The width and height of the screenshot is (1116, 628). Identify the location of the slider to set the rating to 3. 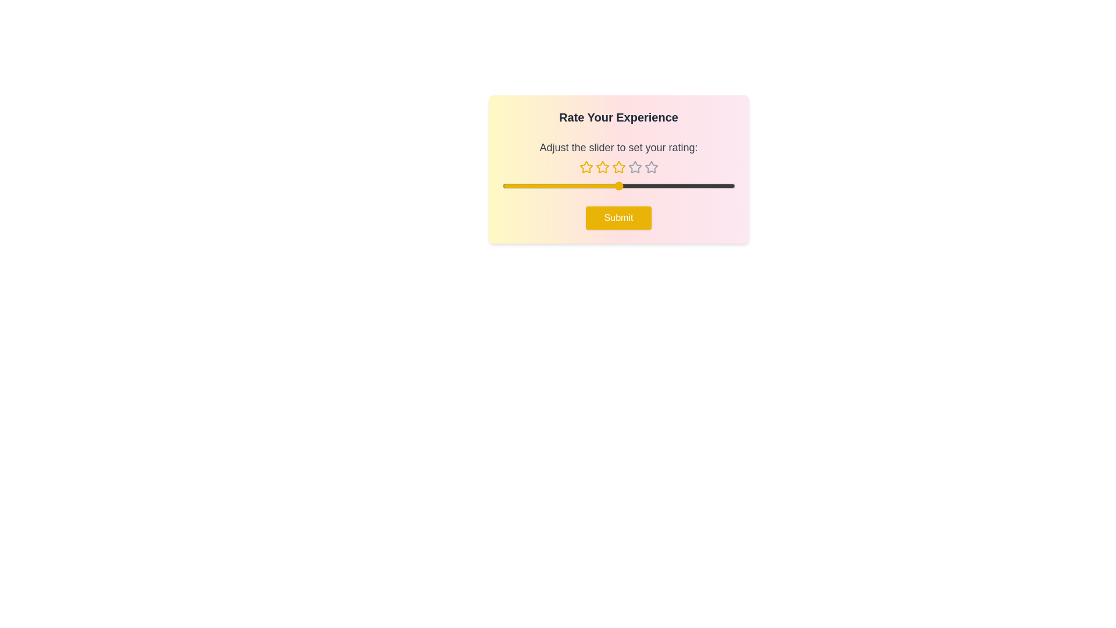
(618, 185).